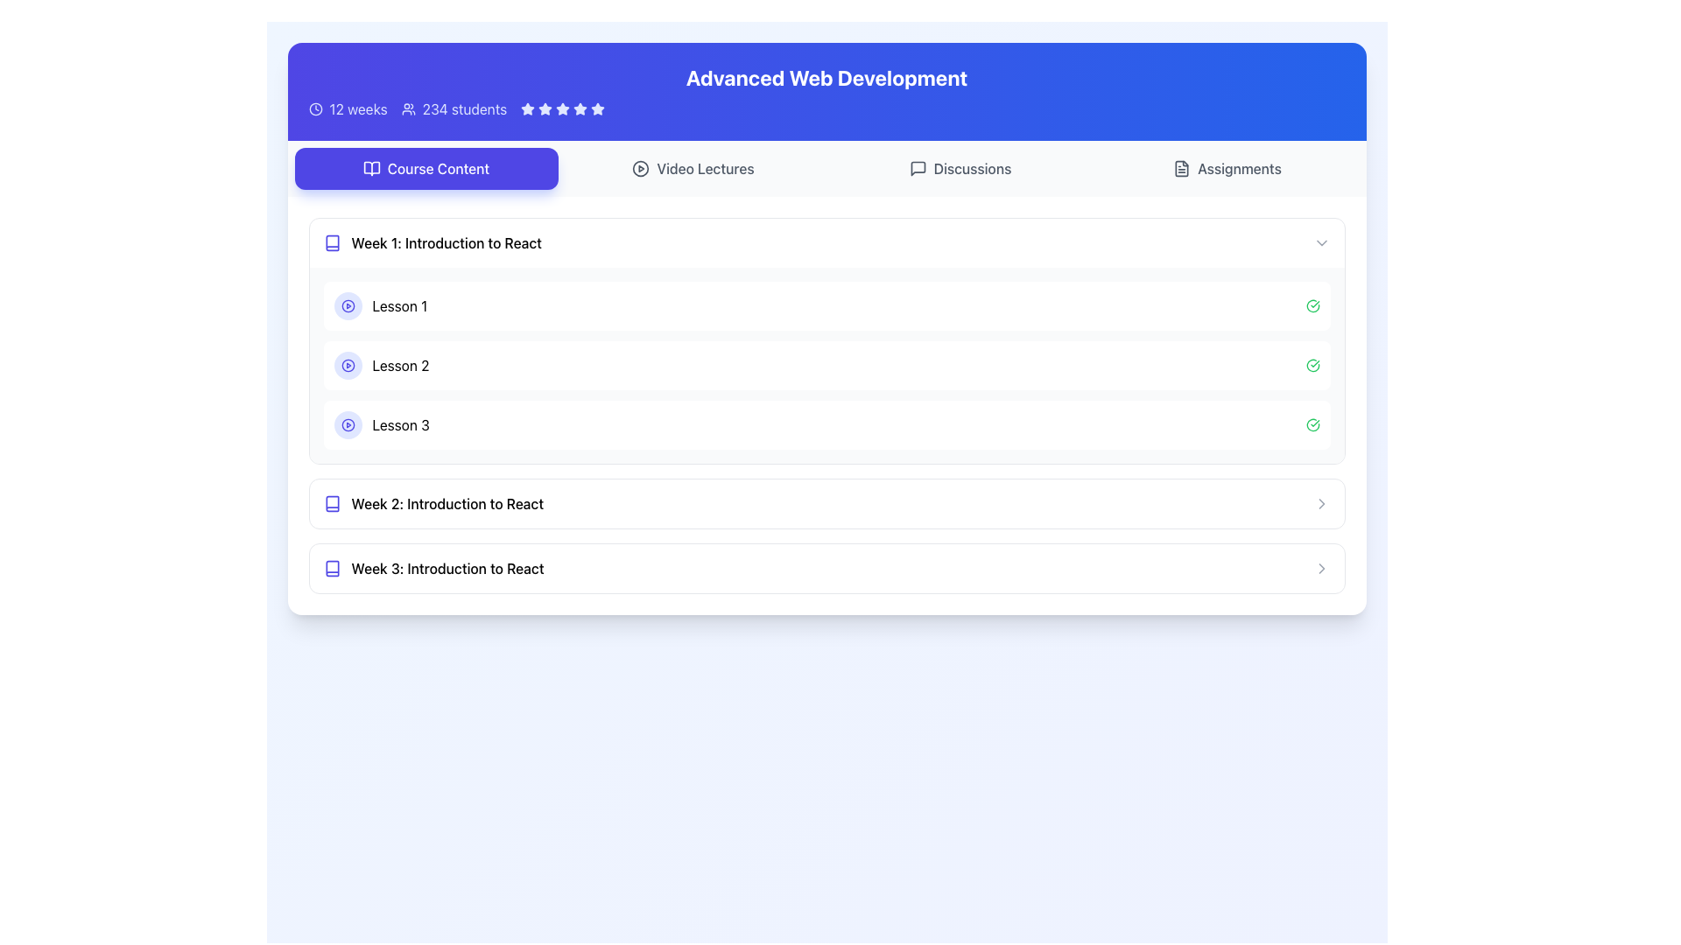 This screenshot has height=945, width=1681. I want to click on the vibrant indigo book-like icon located to the left of the text 'Week 1: Introduction to React', so click(332, 242).